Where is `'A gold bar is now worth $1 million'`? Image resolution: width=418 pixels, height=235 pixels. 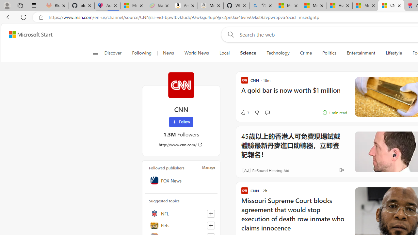 'A gold bar is now worth $1 million' is located at coordinates (294, 93).